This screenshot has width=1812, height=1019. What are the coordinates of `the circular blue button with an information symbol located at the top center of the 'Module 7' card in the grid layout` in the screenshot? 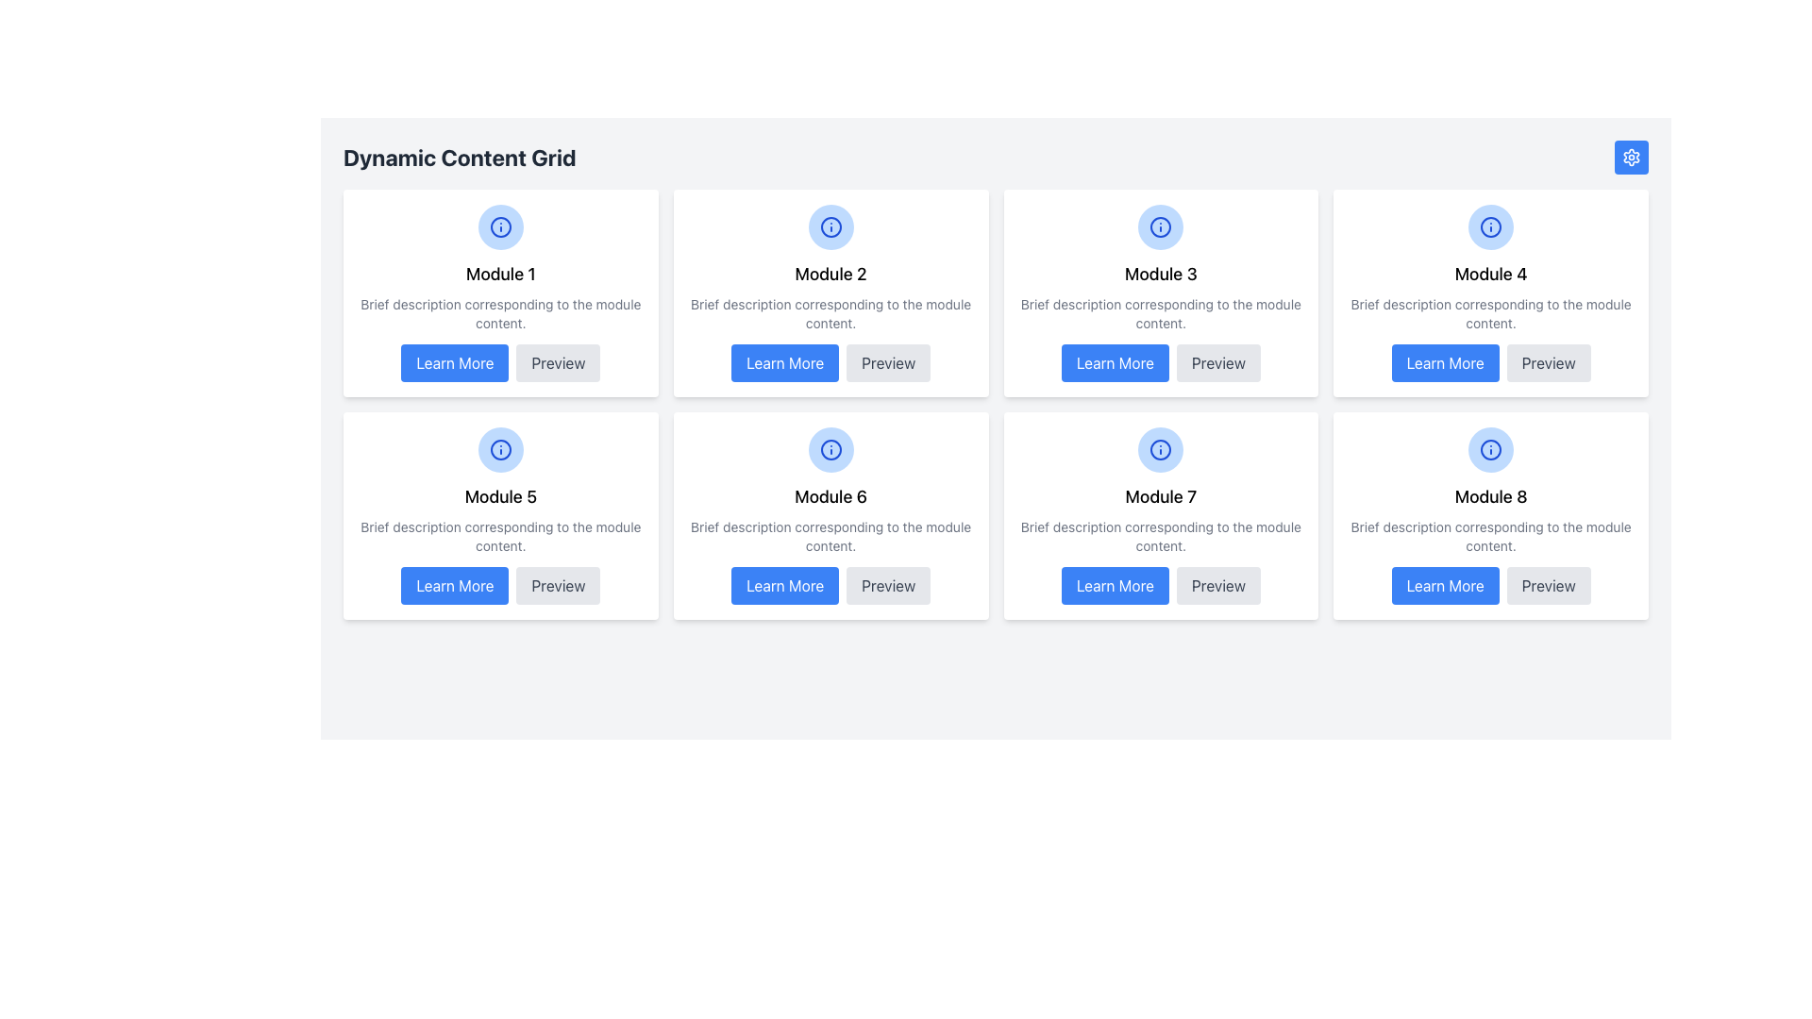 It's located at (1160, 450).